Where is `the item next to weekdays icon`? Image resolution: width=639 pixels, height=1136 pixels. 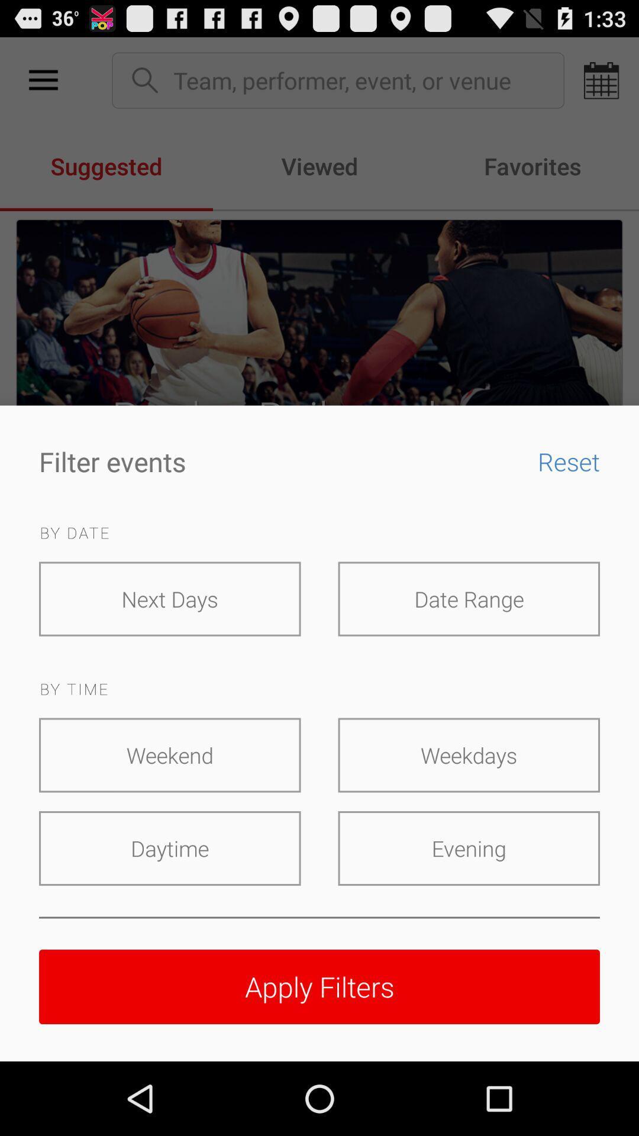
the item next to weekdays icon is located at coordinates (170, 754).